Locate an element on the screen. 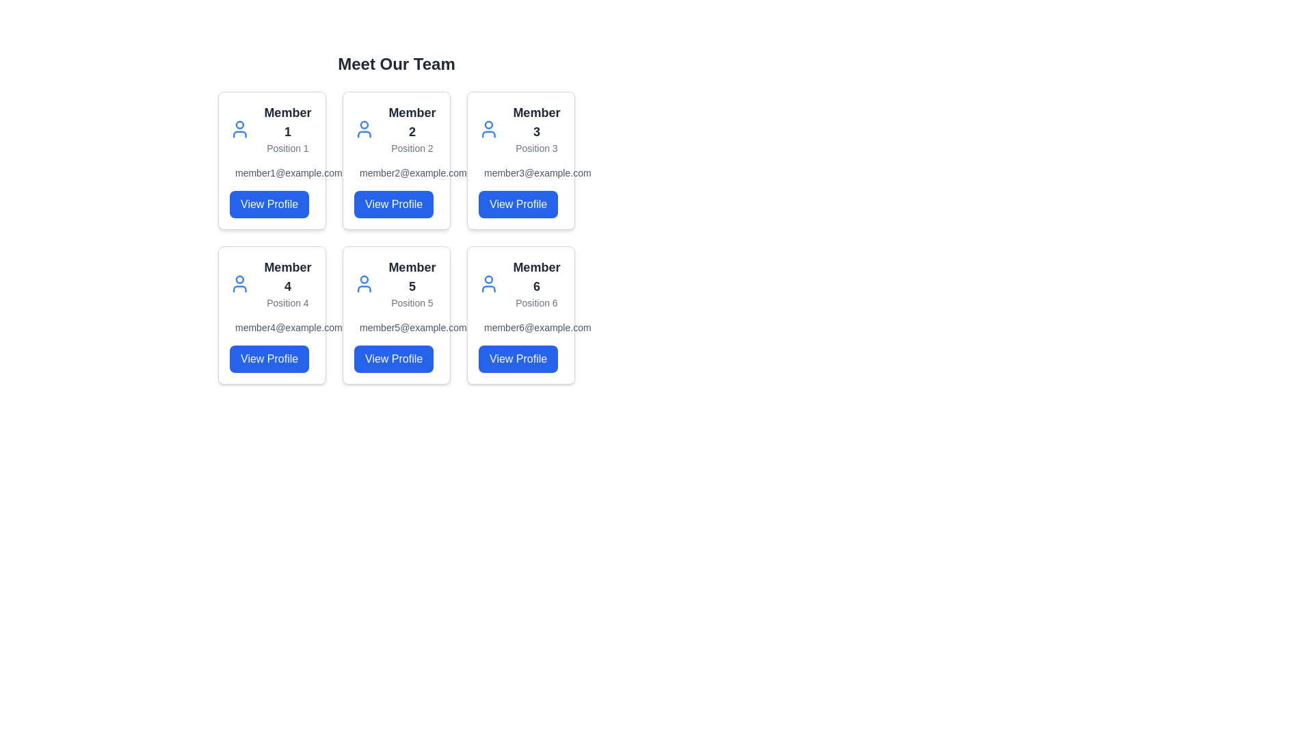 The image size is (1313, 739). the 'View Profile' button, which is a rectangular button with rounded corners, styled in blue with white text, located at the bottom of Member 1's card is located at coordinates (269, 205).